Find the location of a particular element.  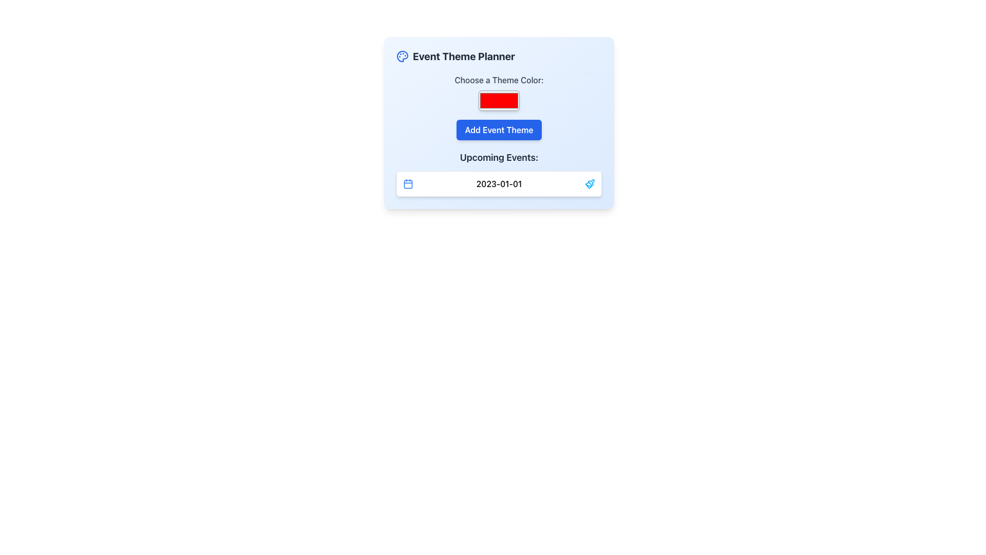

the blue paintbrush icon located beneath the text '2023-01-01' to initiate an editing action is located at coordinates (590, 183).